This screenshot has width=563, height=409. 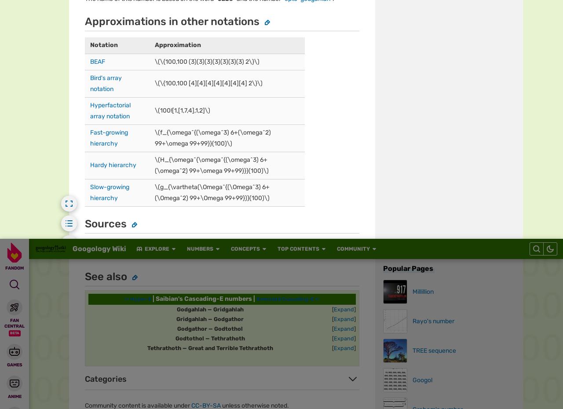 I want to click on 'Support', so click(x=311, y=12).